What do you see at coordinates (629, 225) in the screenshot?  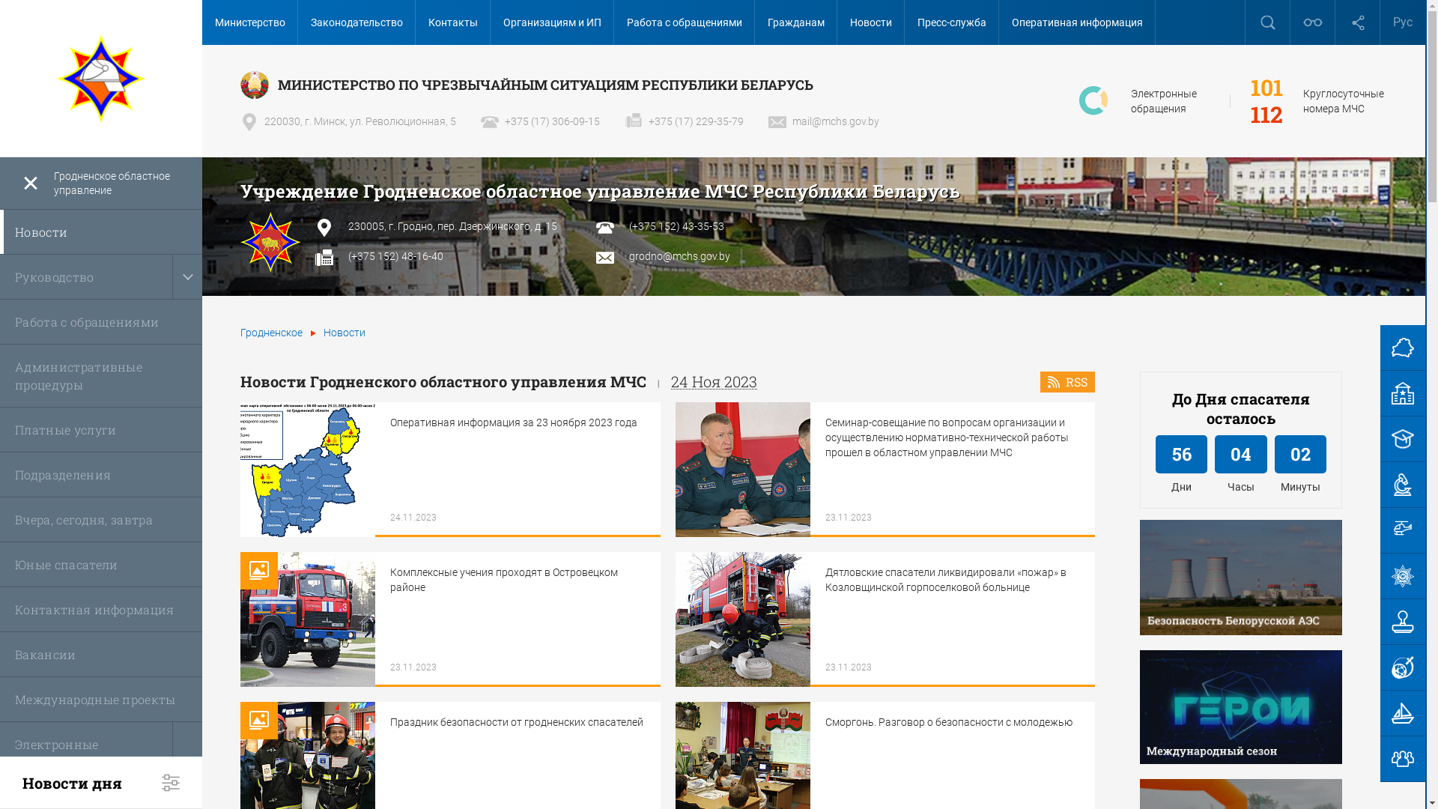 I see `'(+375 152) 43-35-53'` at bounding box center [629, 225].